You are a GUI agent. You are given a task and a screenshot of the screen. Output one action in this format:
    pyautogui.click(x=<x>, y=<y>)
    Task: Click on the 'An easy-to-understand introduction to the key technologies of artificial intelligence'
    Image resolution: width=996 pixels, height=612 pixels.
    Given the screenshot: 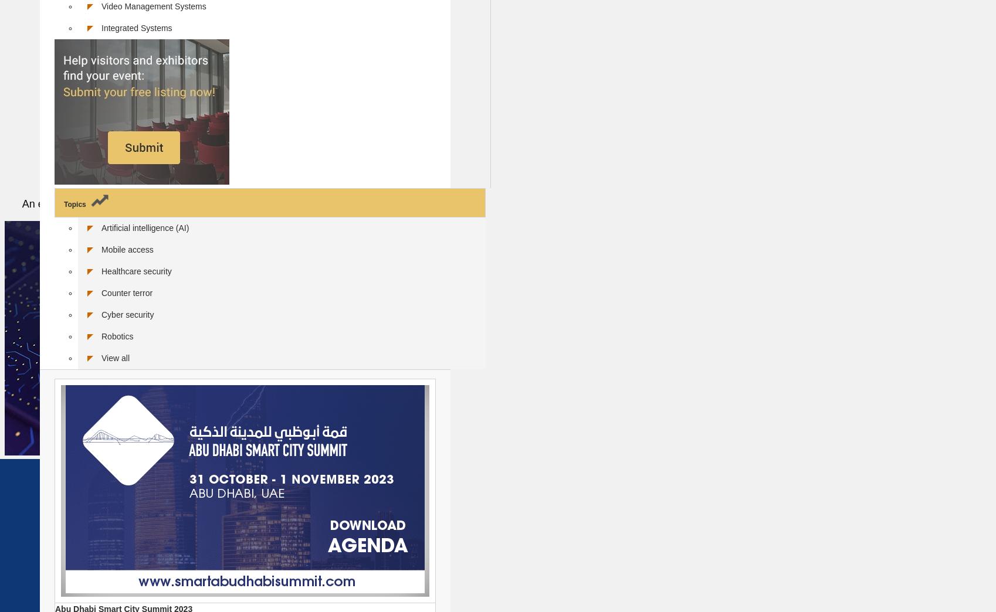 What is the action you would take?
    pyautogui.click(x=212, y=203)
    